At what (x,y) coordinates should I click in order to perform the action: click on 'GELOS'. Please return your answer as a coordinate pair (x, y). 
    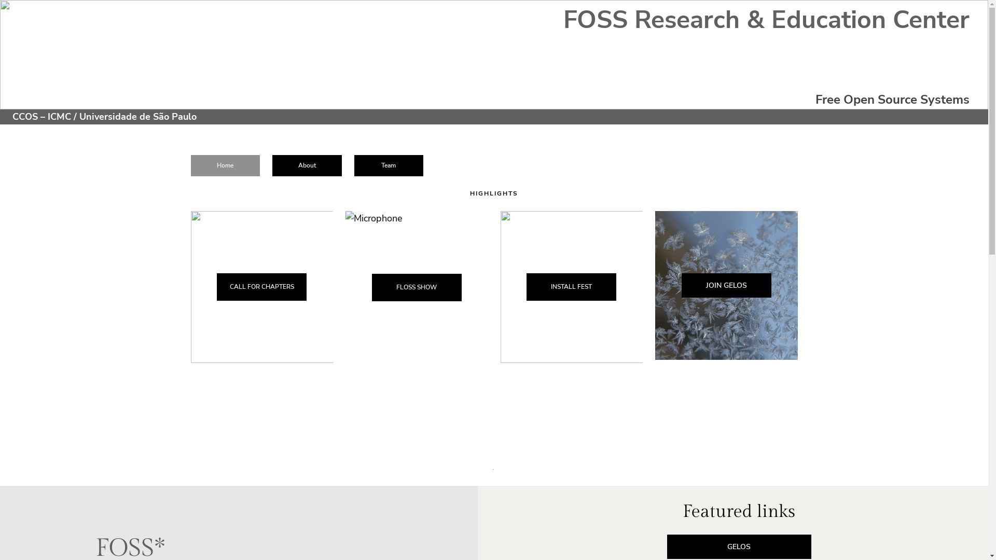
    Looking at the image, I should click on (739, 546).